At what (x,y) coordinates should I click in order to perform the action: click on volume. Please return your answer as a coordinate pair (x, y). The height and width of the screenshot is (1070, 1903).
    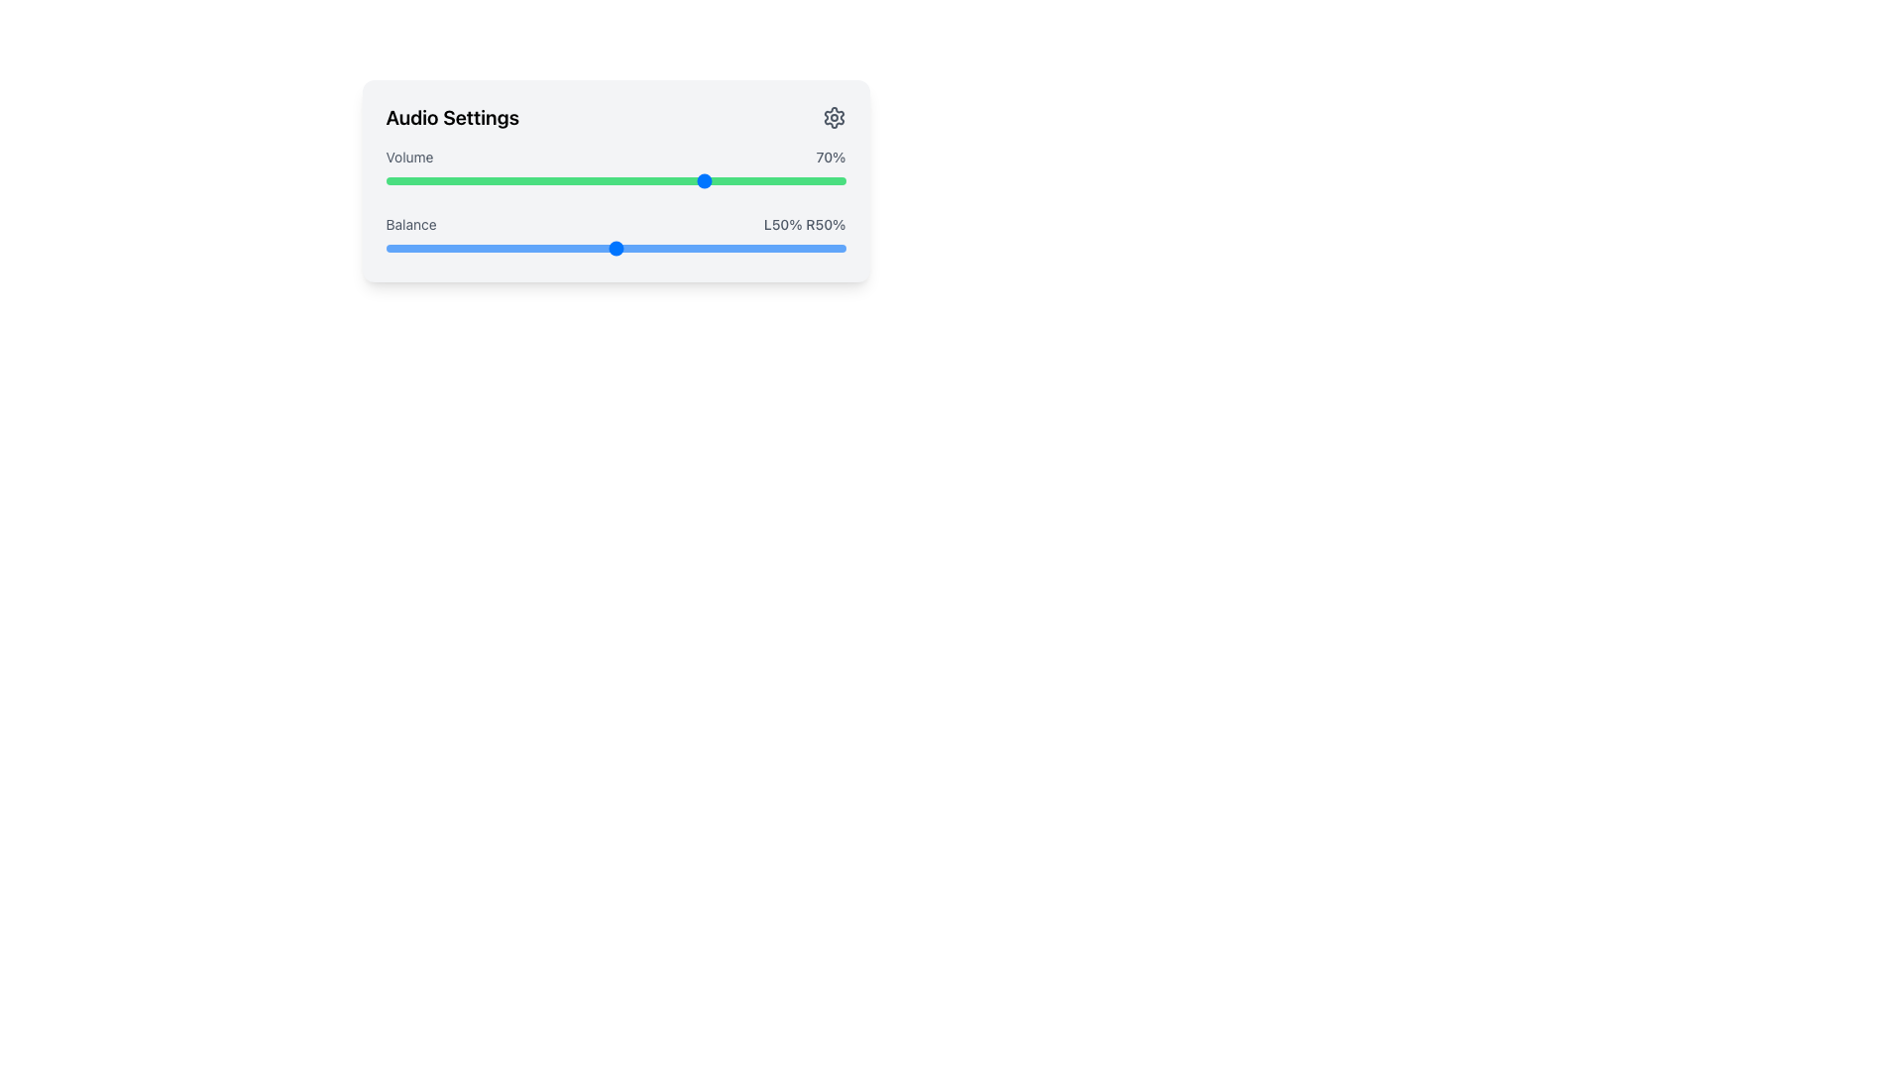
    Looking at the image, I should click on (628, 180).